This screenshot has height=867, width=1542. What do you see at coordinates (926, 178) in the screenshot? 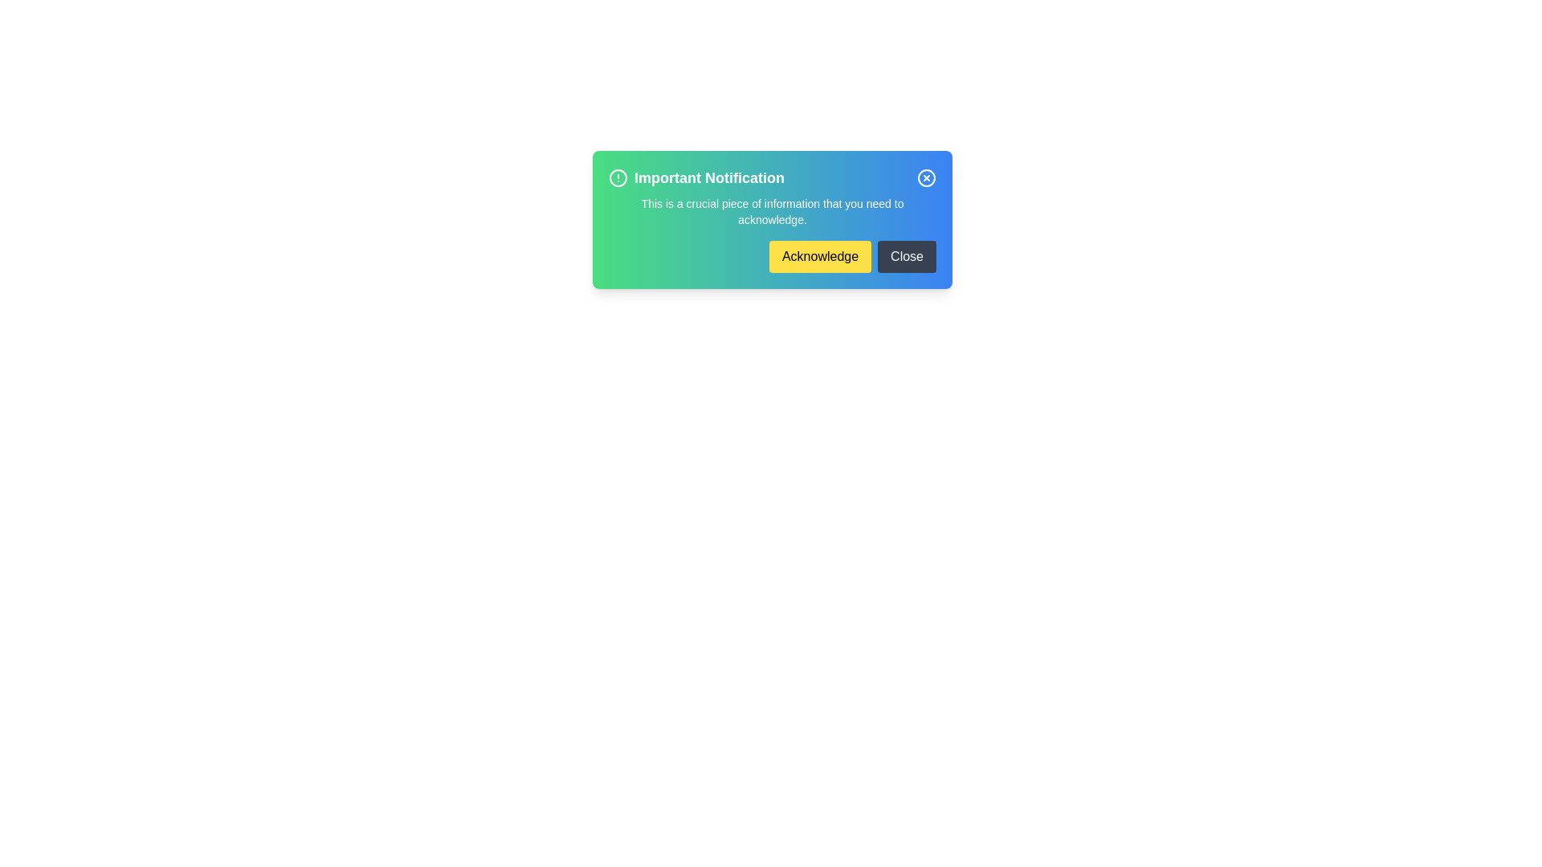
I see `the central SVG circle of the close button located at the top-right corner of the notification banner` at bounding box center [926, 178].